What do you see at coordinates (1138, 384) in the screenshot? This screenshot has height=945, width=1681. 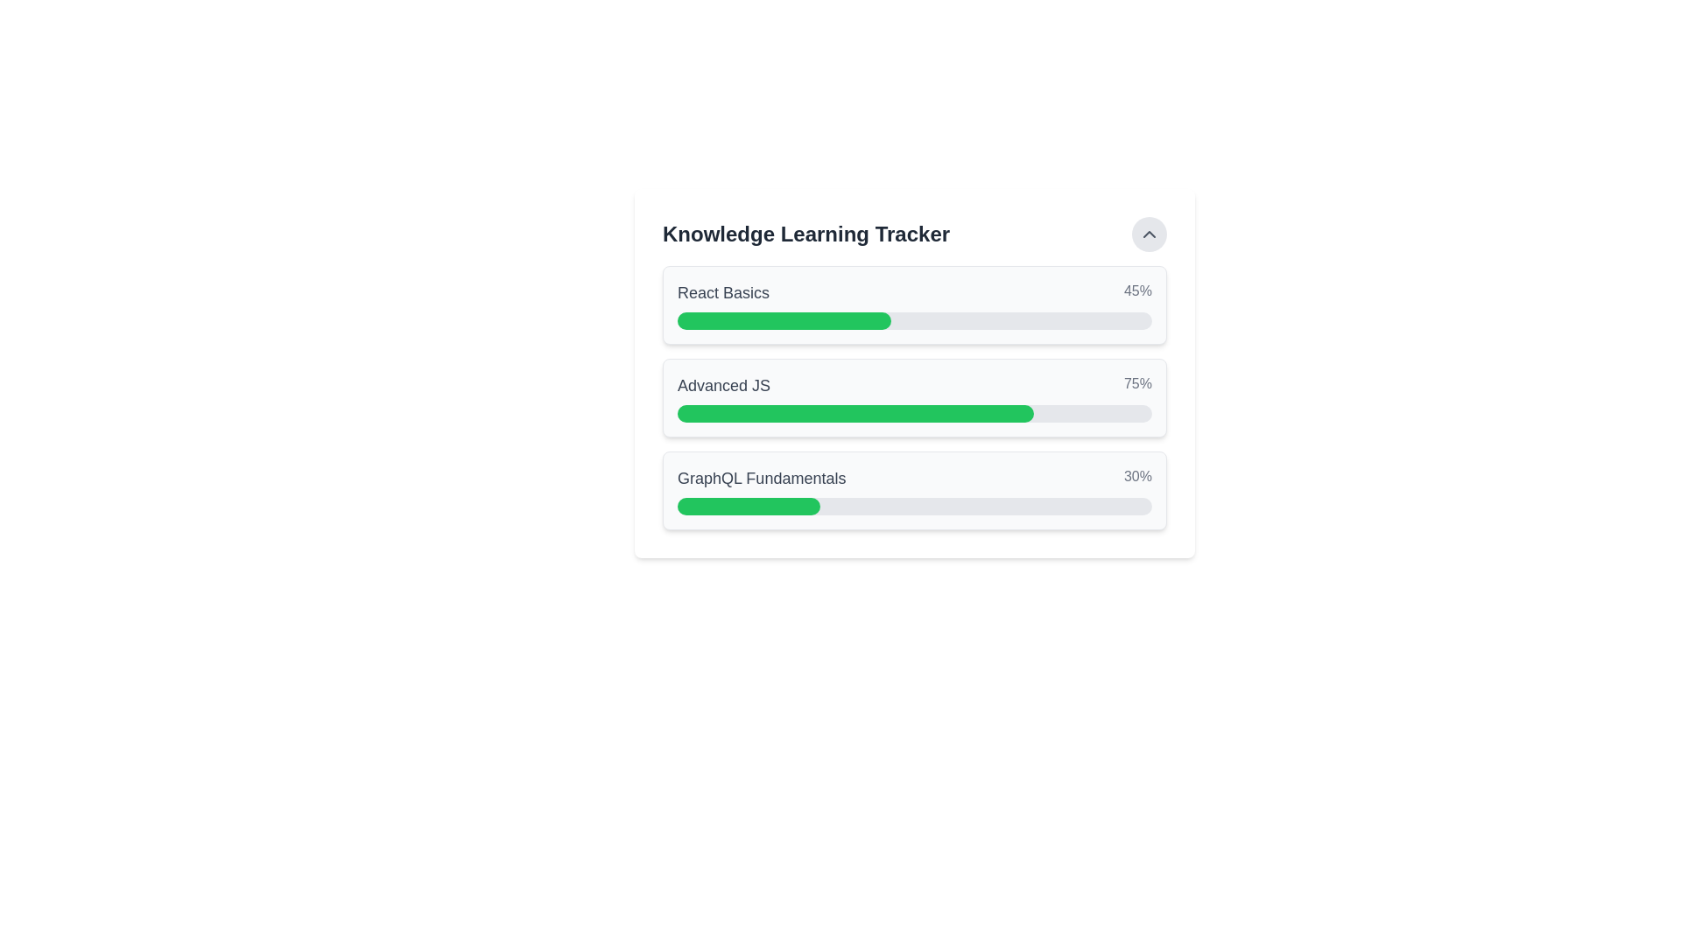 I see `the text label displaying '75%' that is styled in gray and positioned to the right of the 'Advanced JS' progress bar` at bounding box center [1138, 384].